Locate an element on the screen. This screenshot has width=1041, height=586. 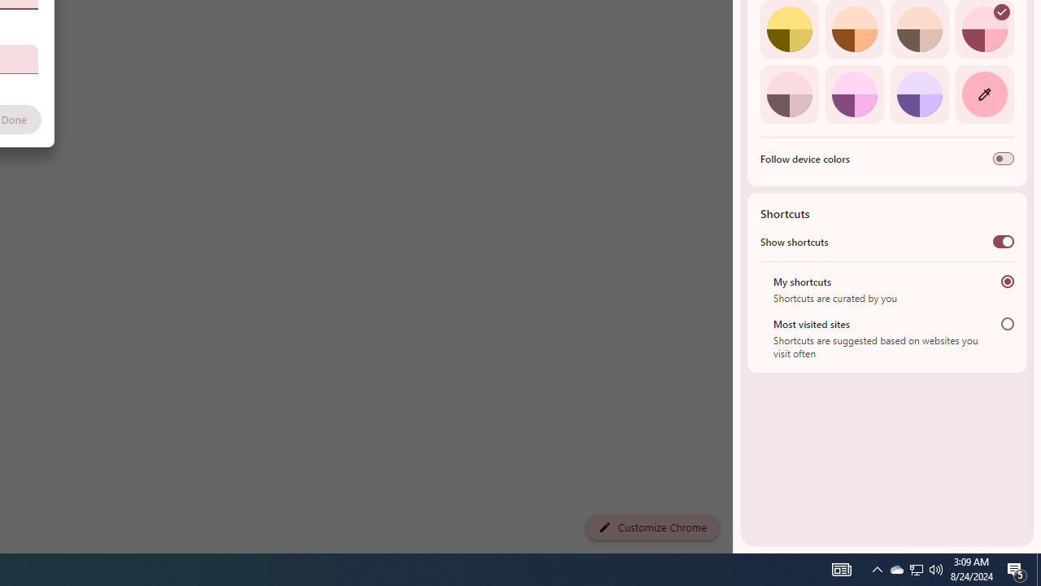
'Rose' is located at coordinates (983, 29).